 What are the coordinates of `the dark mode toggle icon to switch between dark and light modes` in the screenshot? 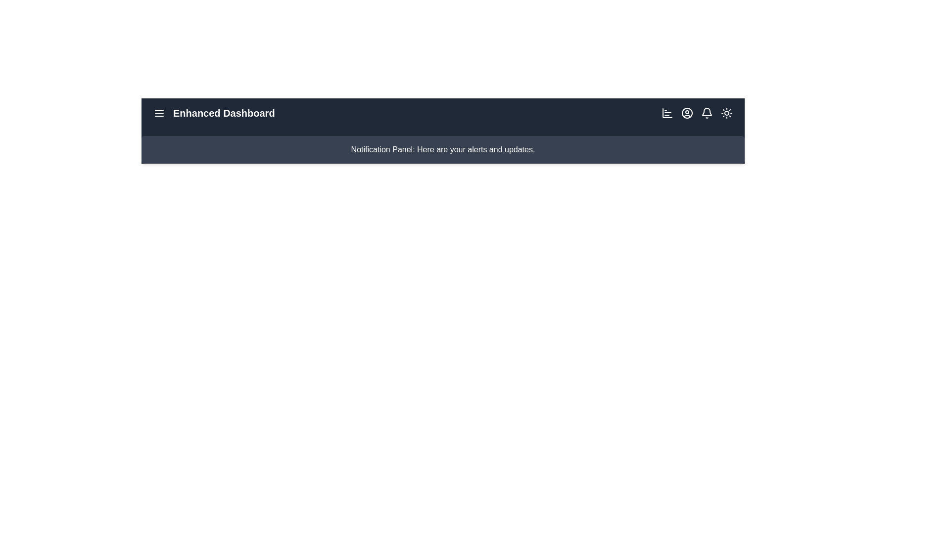 It's located at (726, 112).